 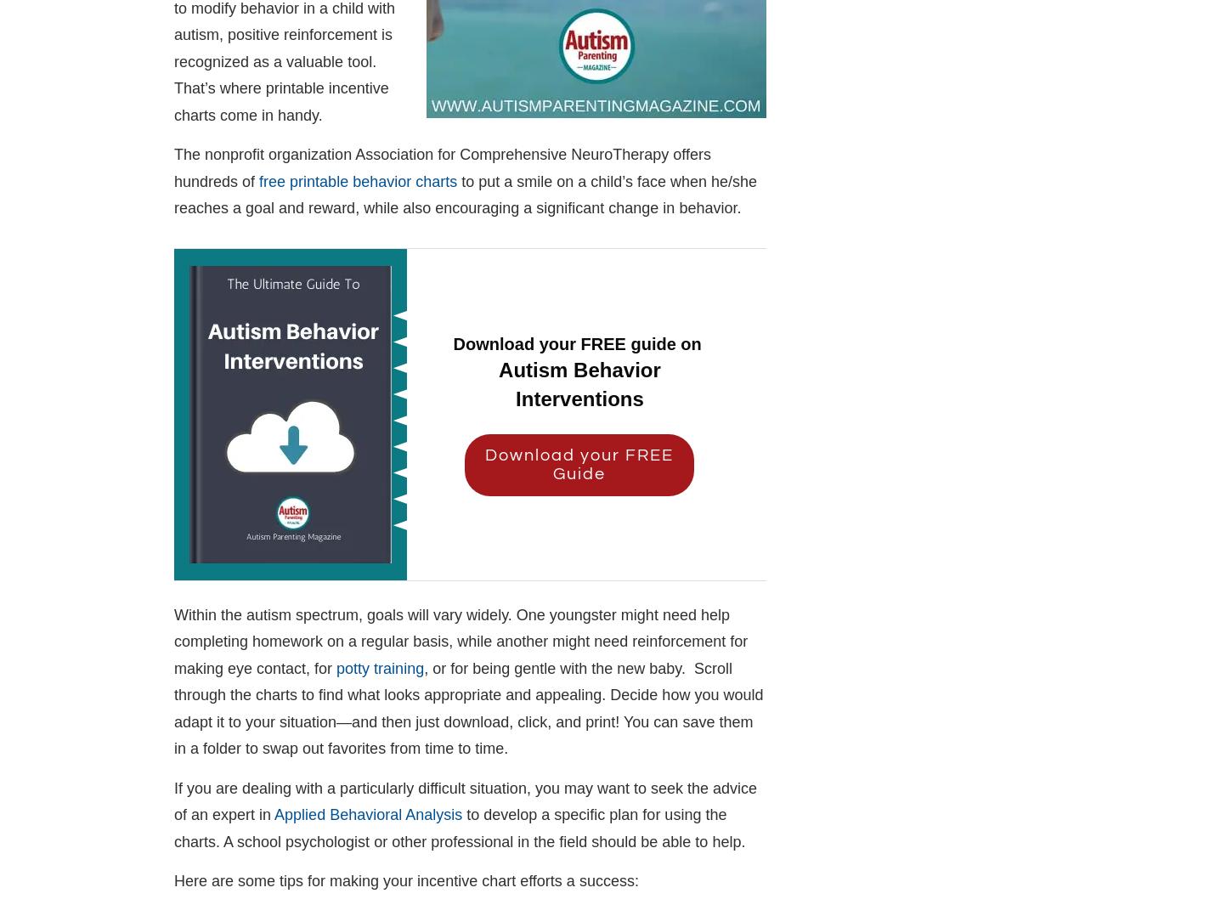 What do you see at coordinates (442, 167) in the screenshot?
I see `'The nonprofit organization Association for Comprehensive NeuroTherapy offers hundreds of'` at bounding box center [442, 167].